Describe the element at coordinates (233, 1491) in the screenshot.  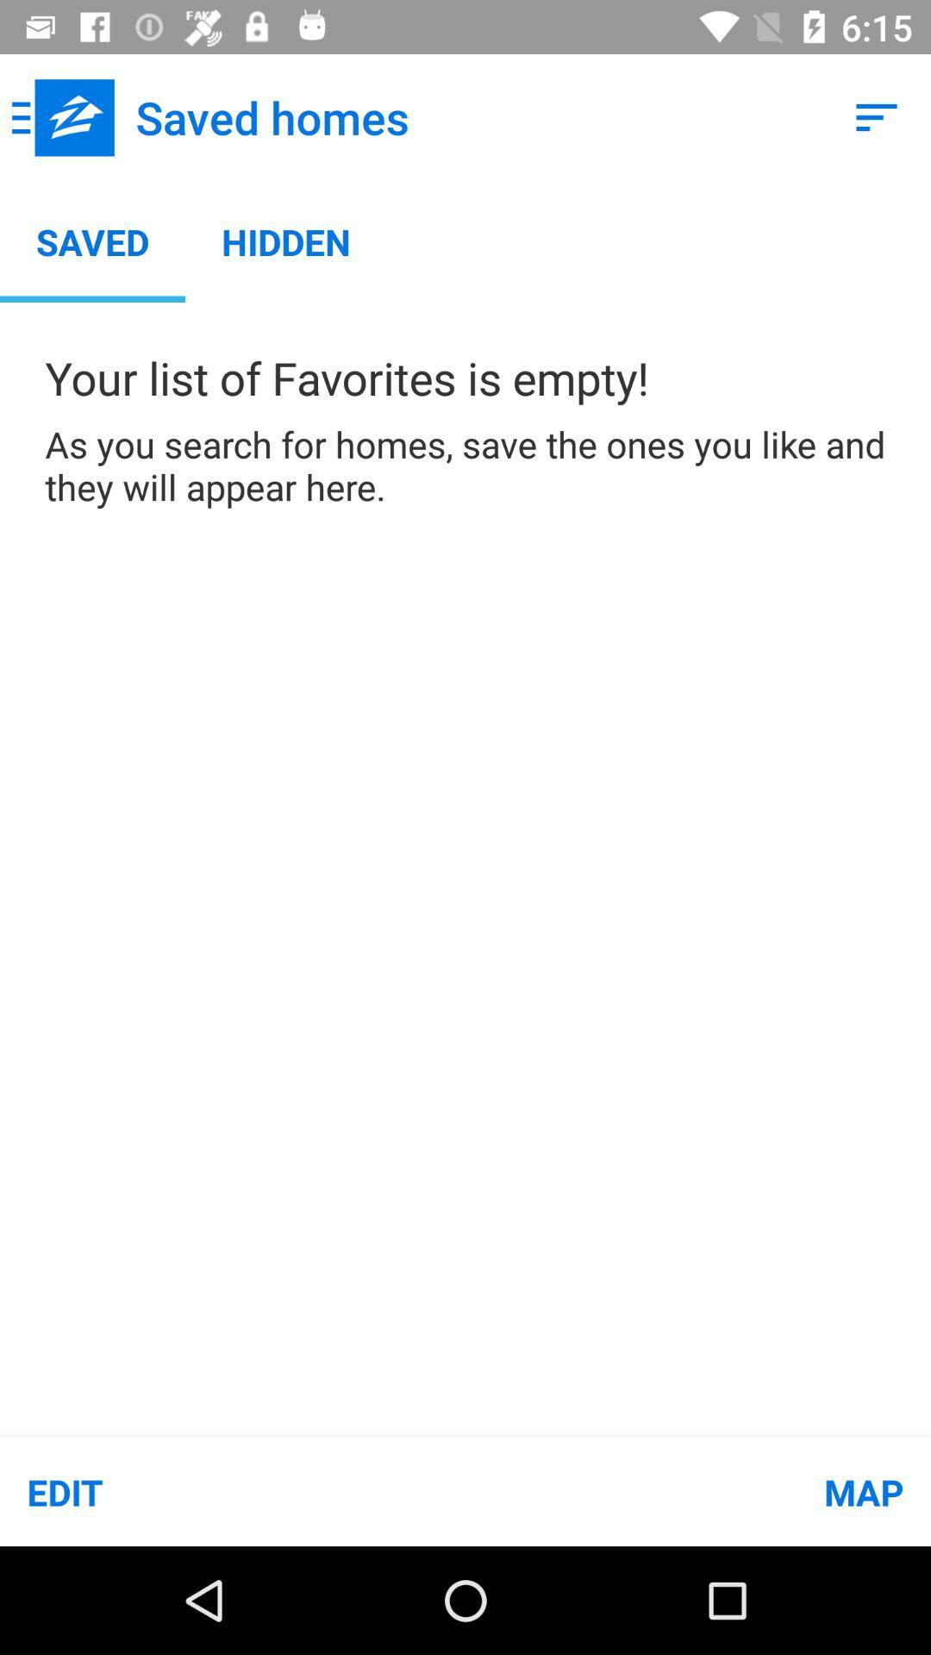
I see `item at the bottom left corner` at that location.